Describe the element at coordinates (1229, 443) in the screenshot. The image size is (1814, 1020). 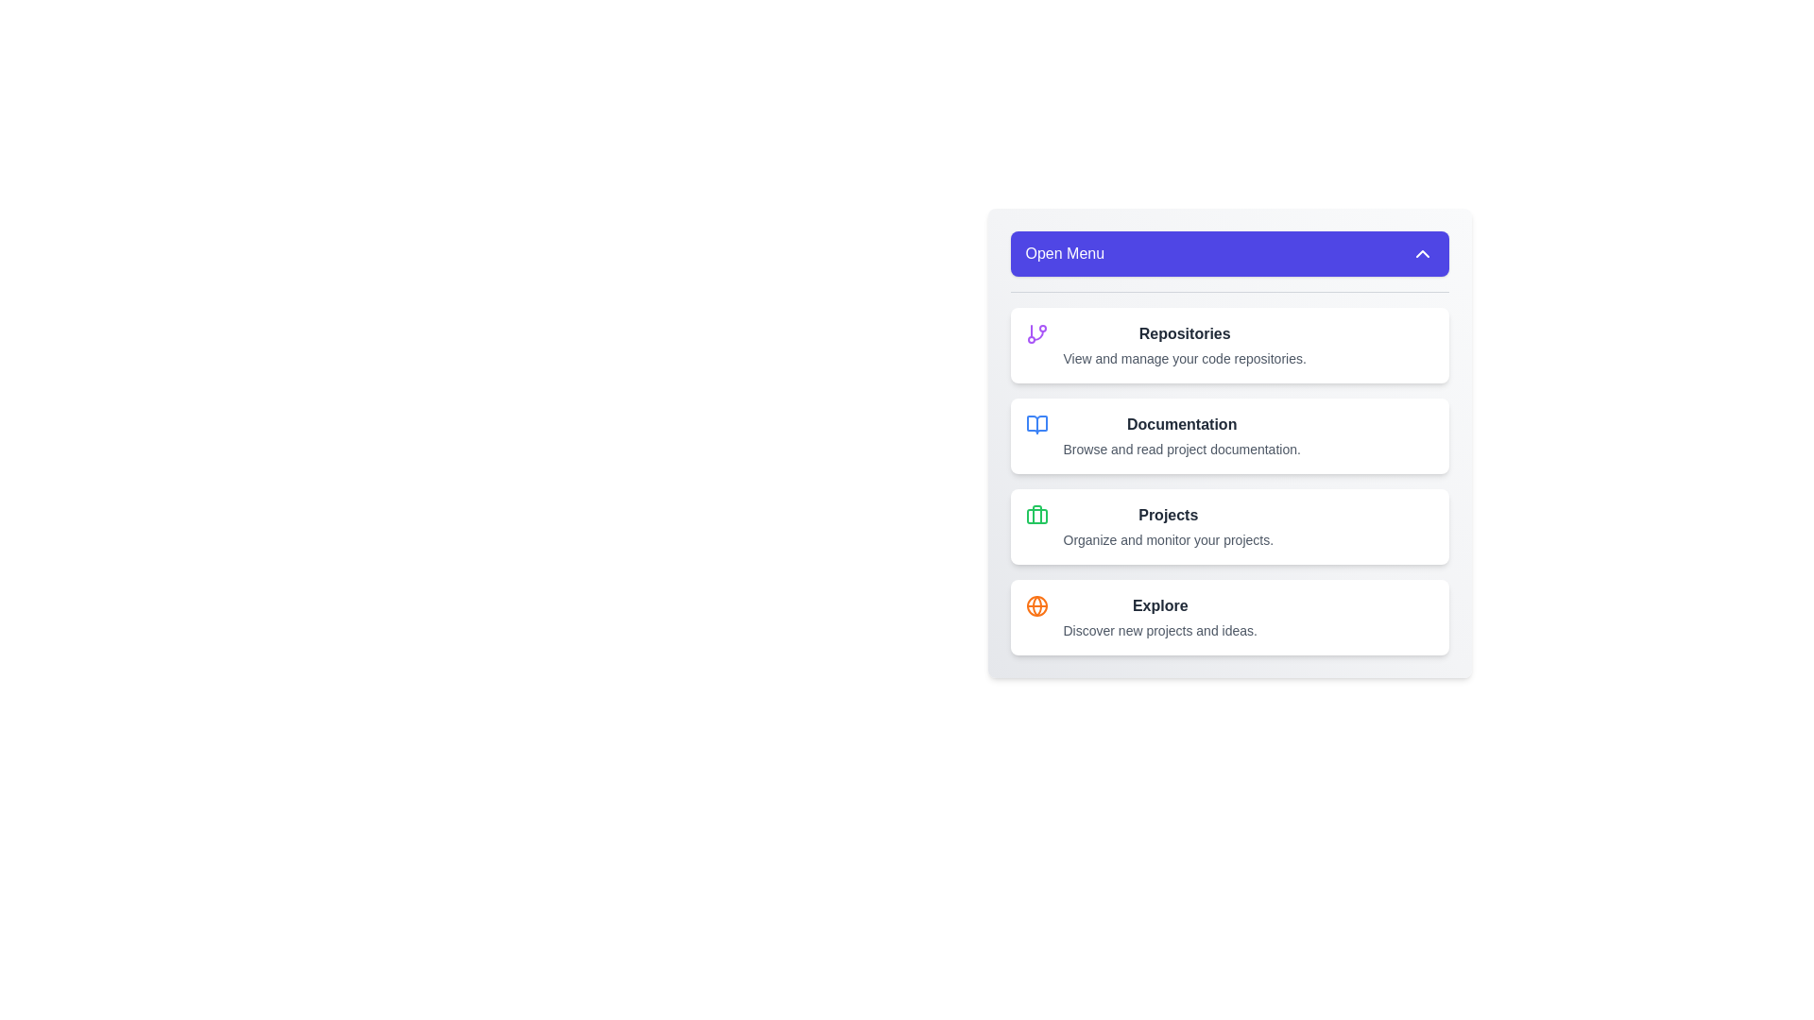
I see `keyboard navigation` at that location.